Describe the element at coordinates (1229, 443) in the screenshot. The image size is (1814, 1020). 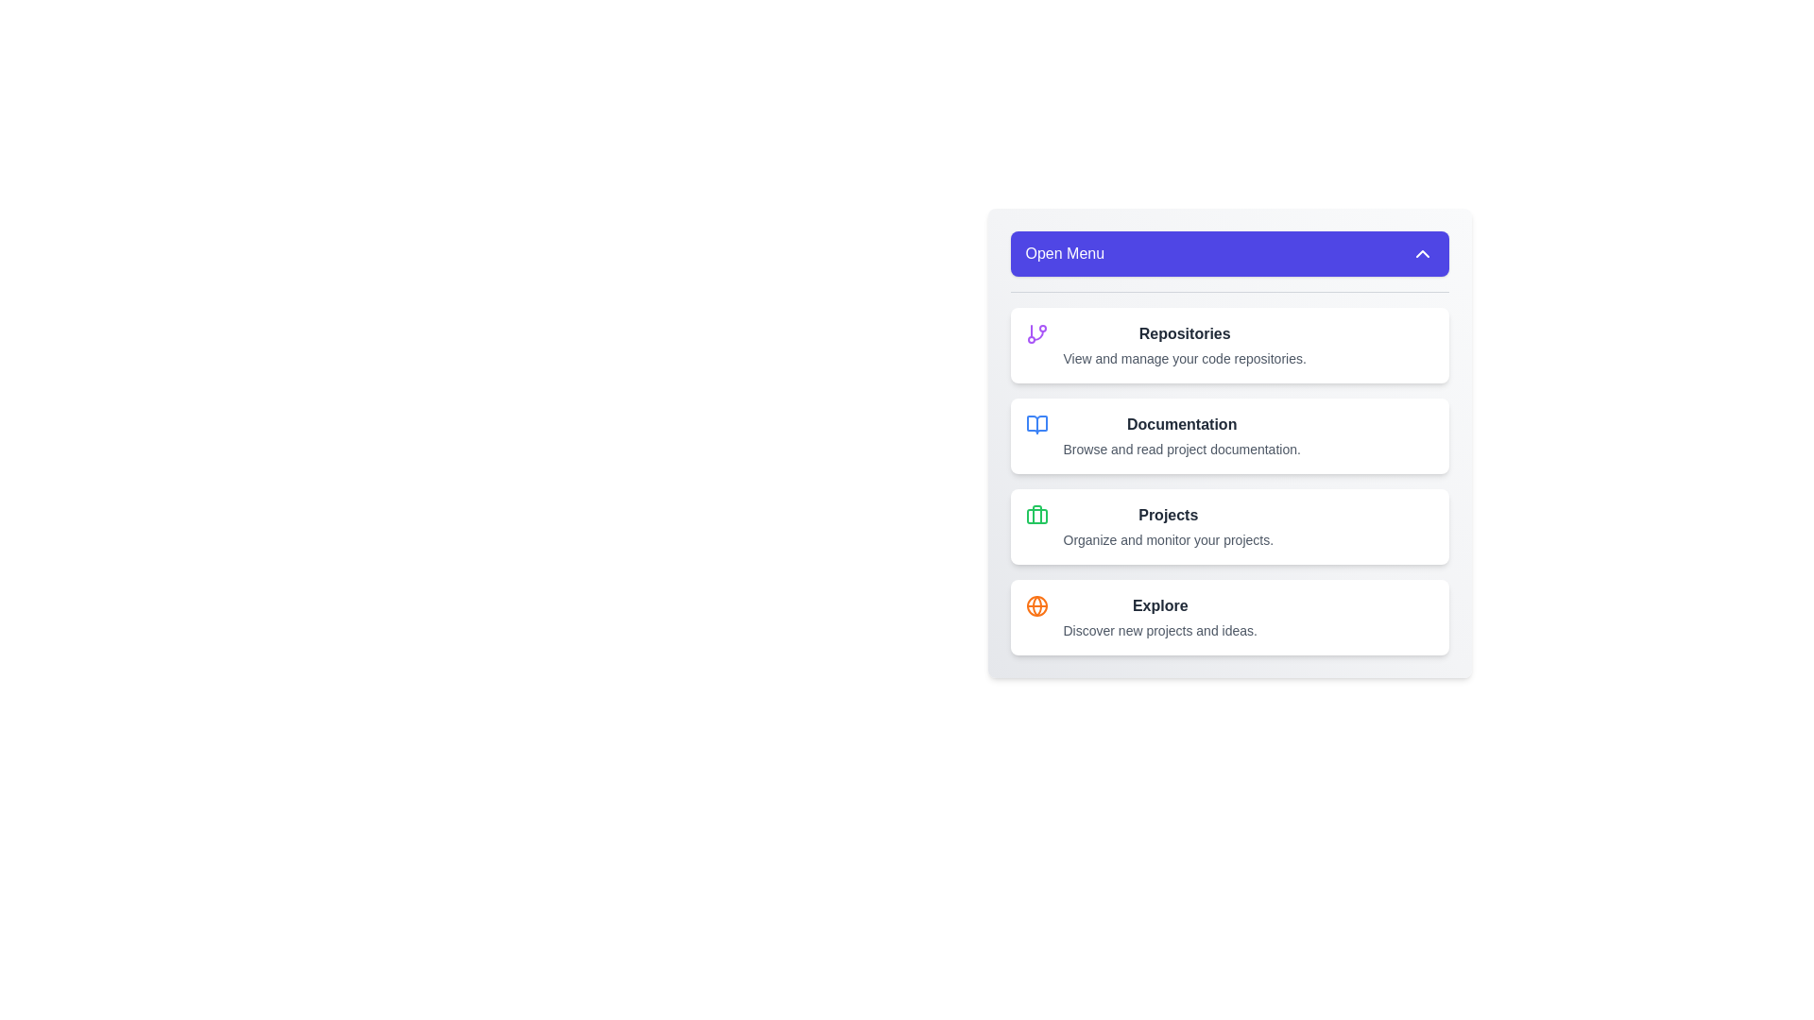
I see `keyboard navigation` at that location.